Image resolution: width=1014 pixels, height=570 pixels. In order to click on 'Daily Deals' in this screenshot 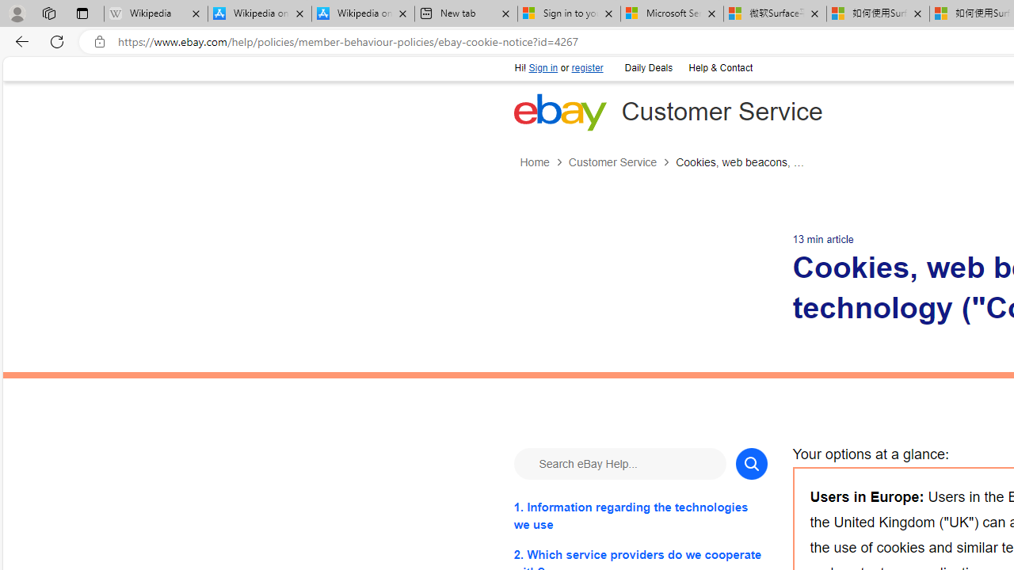, I will do `click(647, 66)`.